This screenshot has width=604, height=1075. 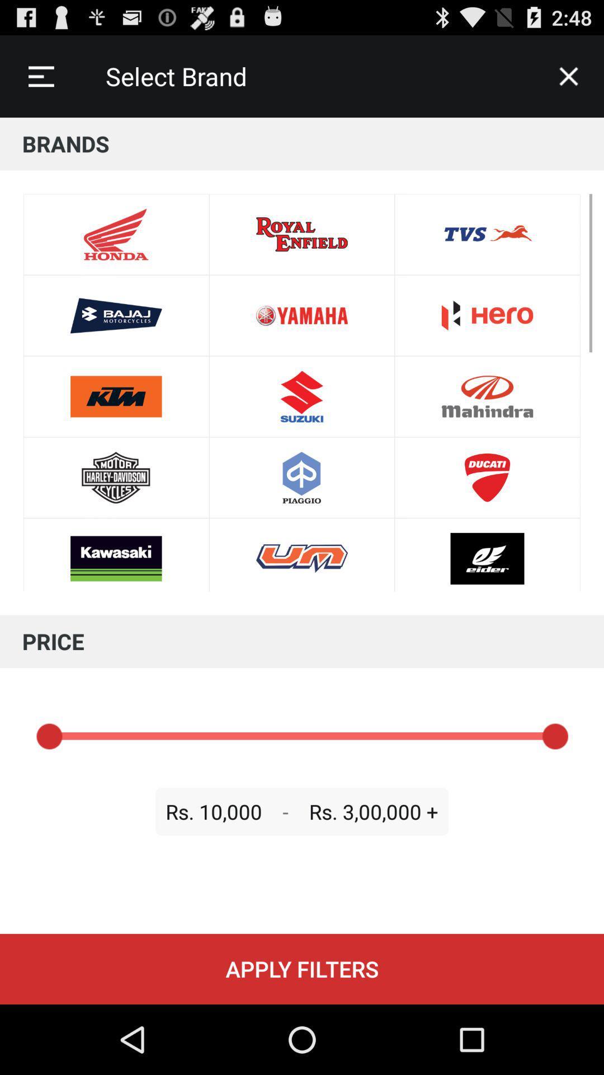 What do you see at coordinates (40, 76) in the screenshot?
I see `item next to the select brand icon` at bounding box center [40, 76].